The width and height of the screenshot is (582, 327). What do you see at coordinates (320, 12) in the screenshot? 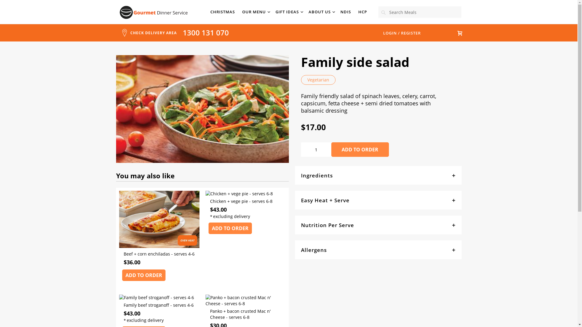
I see `'ABOUT US'` at bounding box center [320, 12].